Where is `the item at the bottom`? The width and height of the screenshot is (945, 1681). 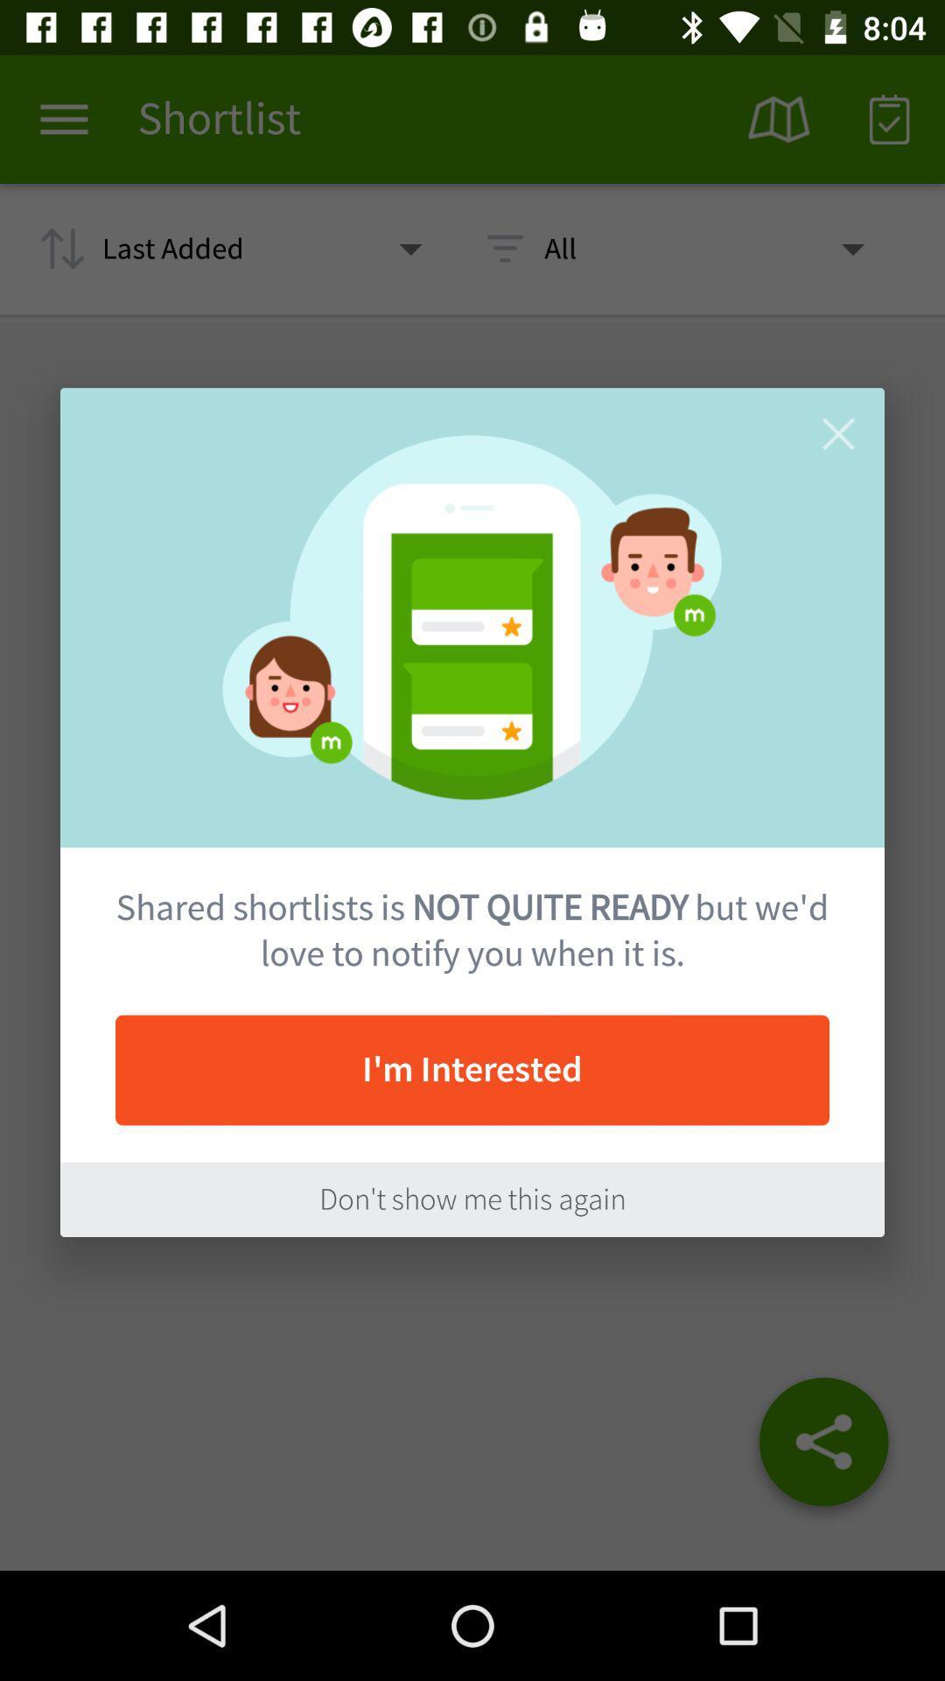 the item at the bottom is located at coordinates (472, 1199).